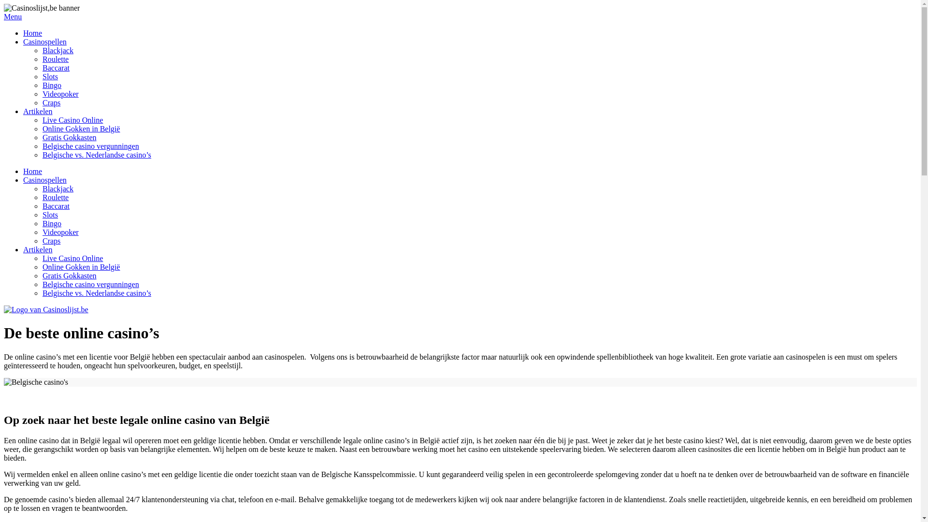 The image size is (928, 522). What do you see at coordinates (44, 180) in the screenshot?
I see `'Casinospellen'` at bounding box center [44, 180].